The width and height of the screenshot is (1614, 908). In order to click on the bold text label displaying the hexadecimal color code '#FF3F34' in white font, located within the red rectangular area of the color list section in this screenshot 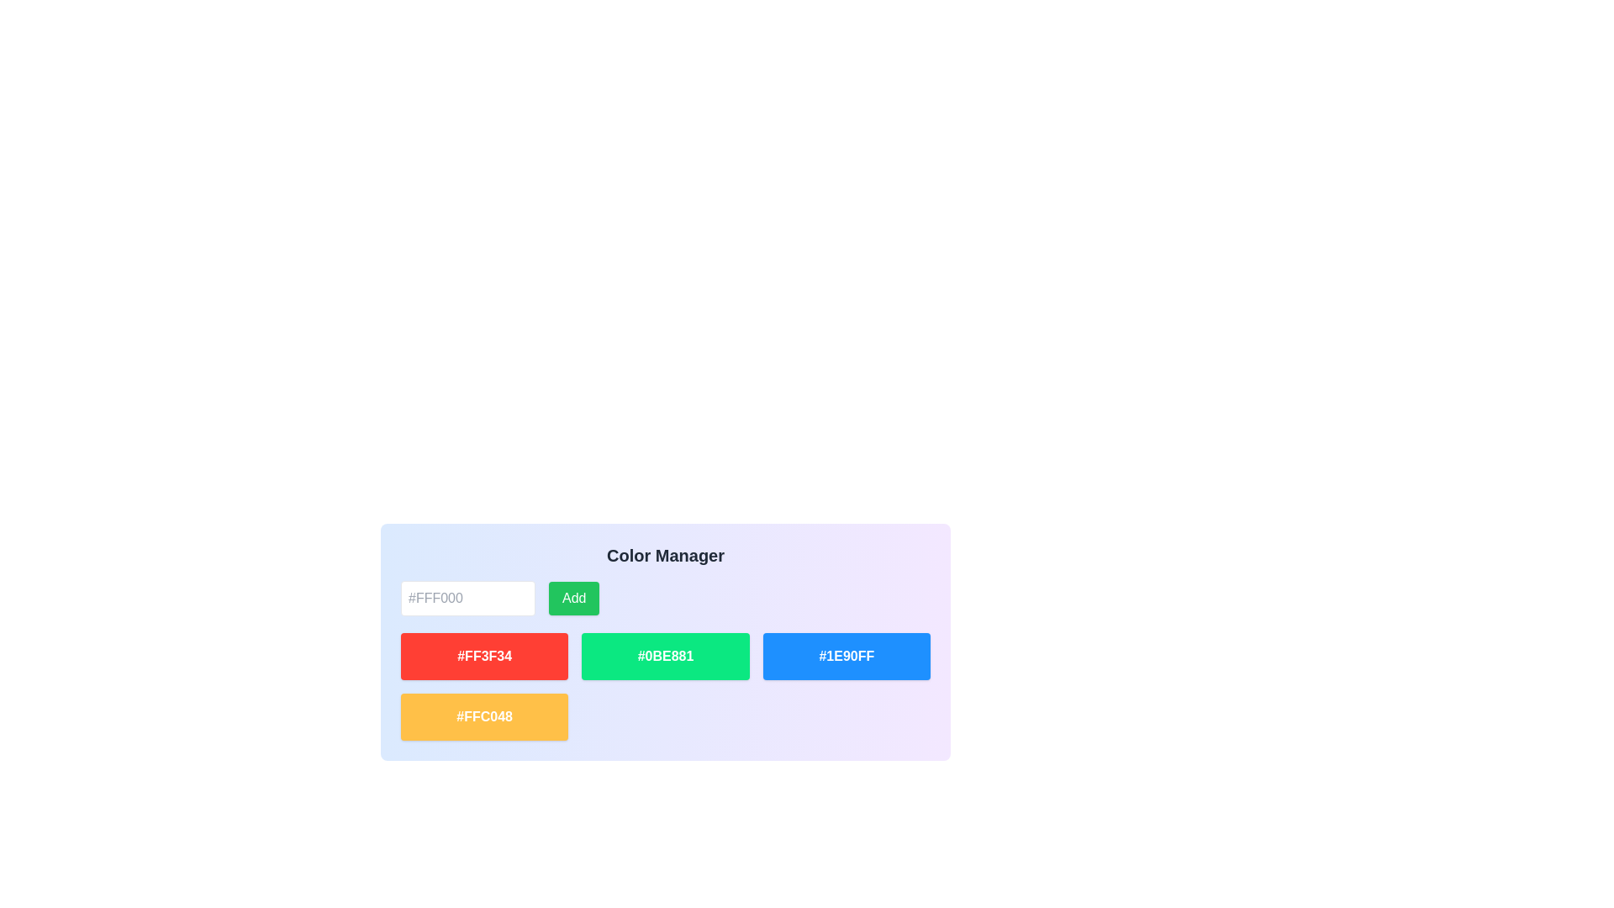, I will do `click(483, 655)`.